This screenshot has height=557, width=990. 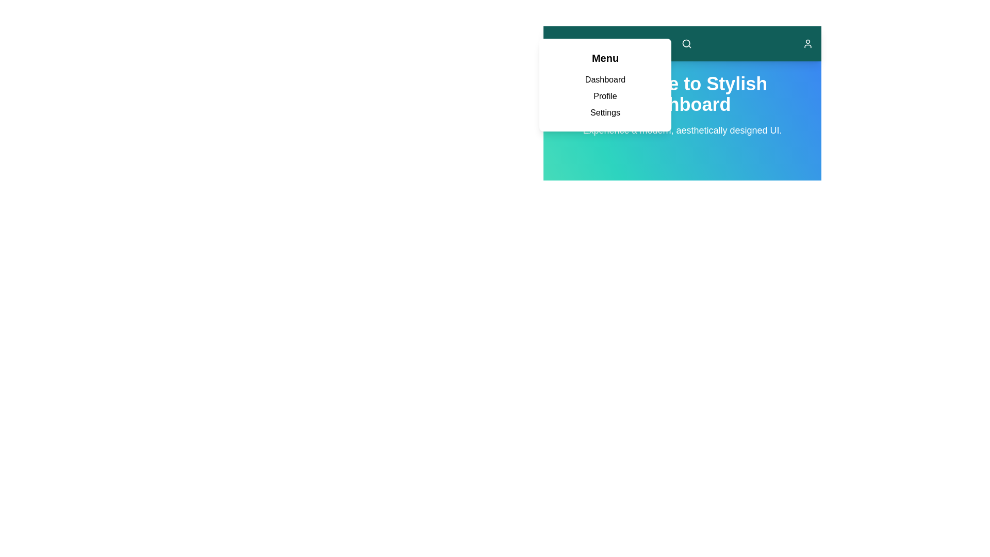 What do you see at coordinates (605, 79) in the screenshot?
I see `the menu link corresponding to Dashboard` at bounding box center [605, 79].